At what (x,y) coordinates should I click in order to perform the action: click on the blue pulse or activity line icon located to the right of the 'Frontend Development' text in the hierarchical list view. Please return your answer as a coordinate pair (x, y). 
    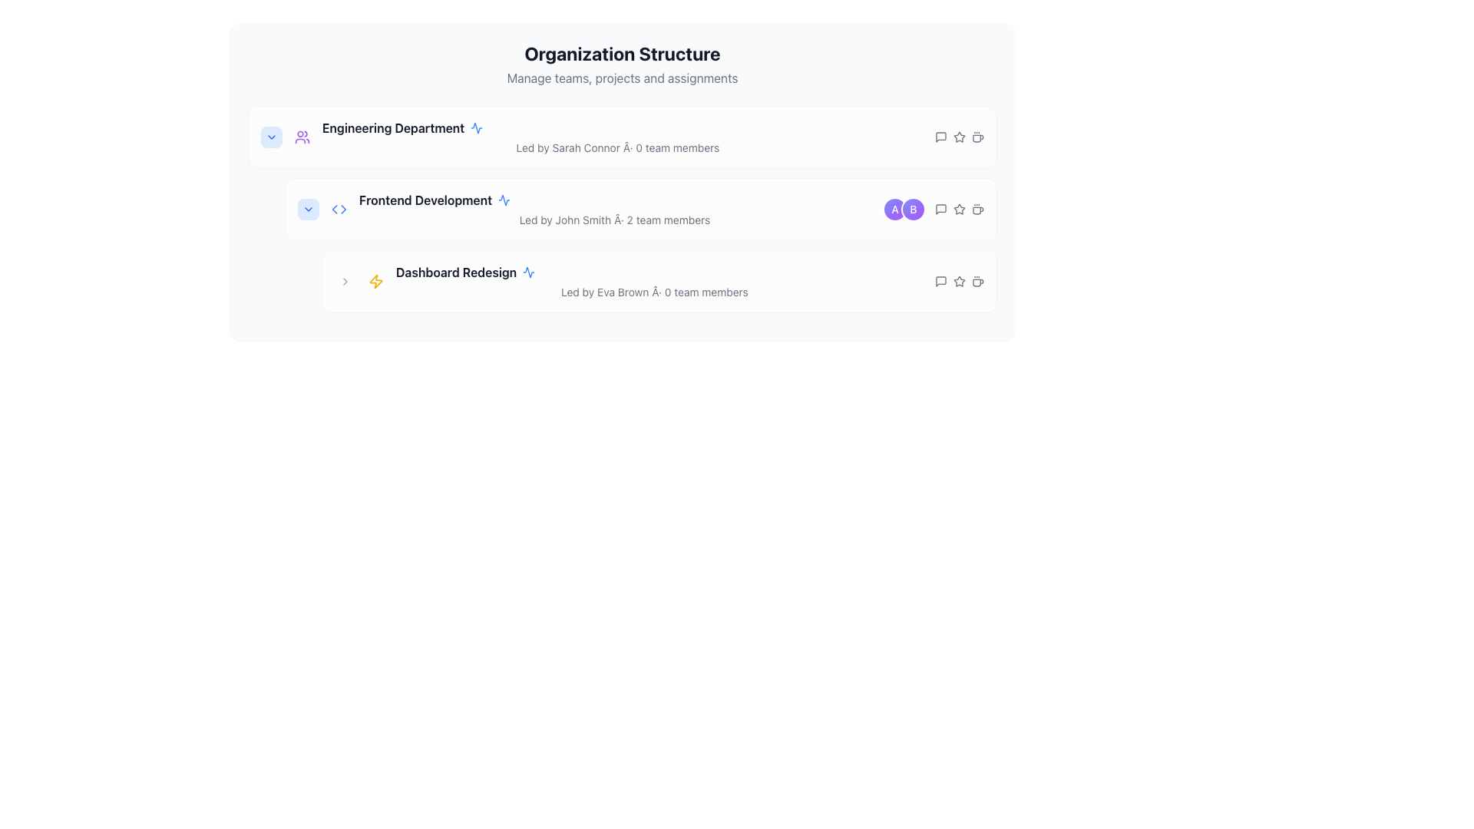
    Looking at the image, I should click on (504, 200).